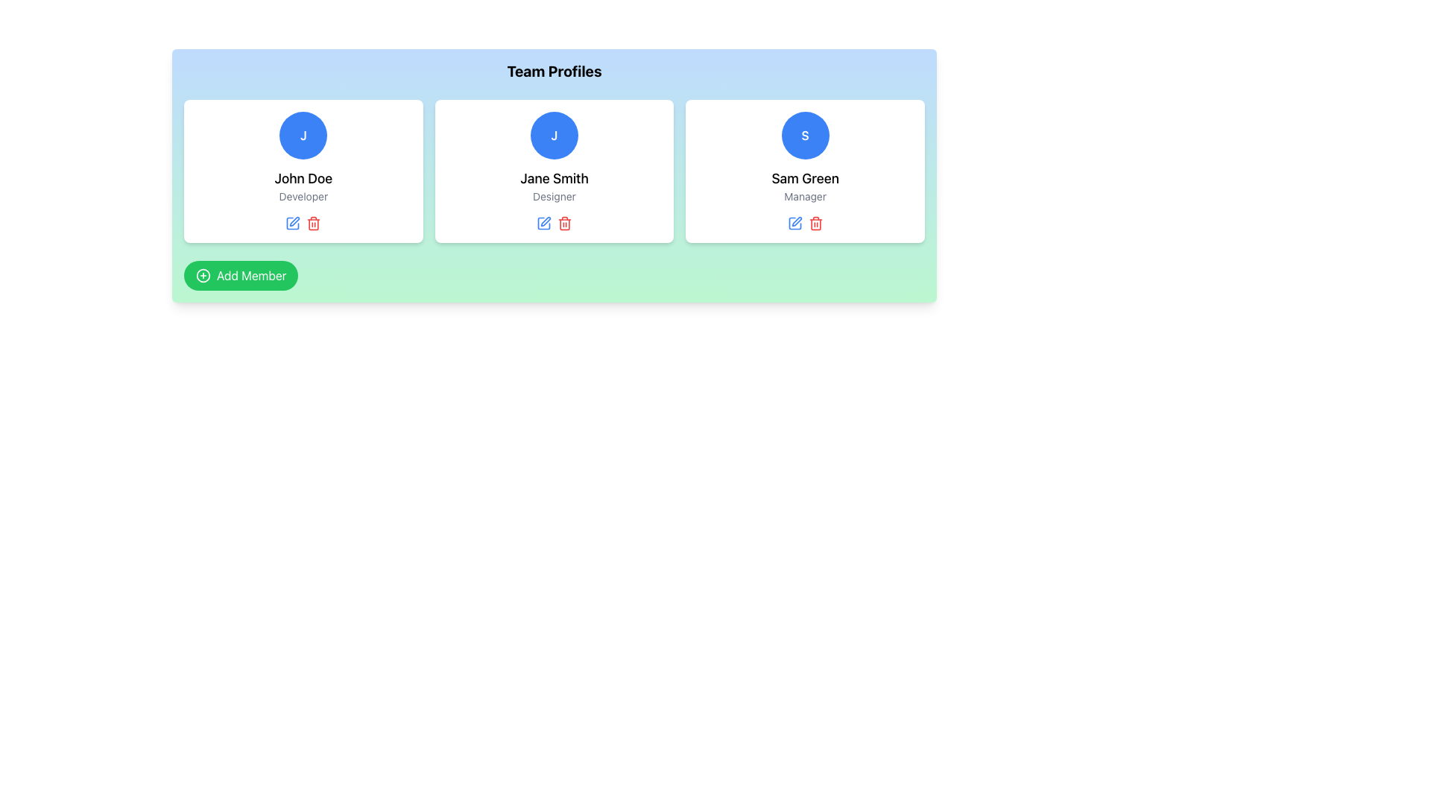 The height and width of the screenshot is (805, 1431). I want to click on the text label displaying 'Developer' that is styled in gray and located beneath the name 'John Doe' in the first profile card of the 'Team Profiles' section, so click(303, 195).